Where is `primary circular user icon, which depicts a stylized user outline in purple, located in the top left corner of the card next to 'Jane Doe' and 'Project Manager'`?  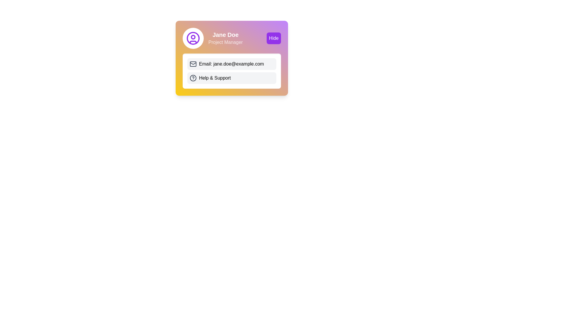
primary circular user icon, which depicts a stylized user outline in purple, located in the top left corner of the card next to 'Jane Doe' and 'Project Manager' is located at coordinates (193, 38).